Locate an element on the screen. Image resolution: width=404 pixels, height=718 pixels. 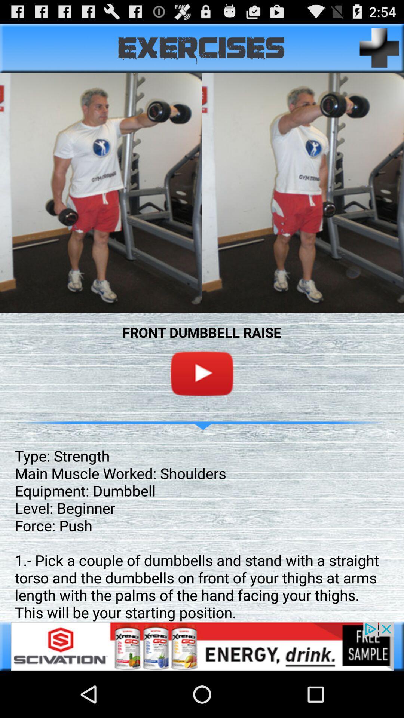
youtube is located at coordinates (202, 373).